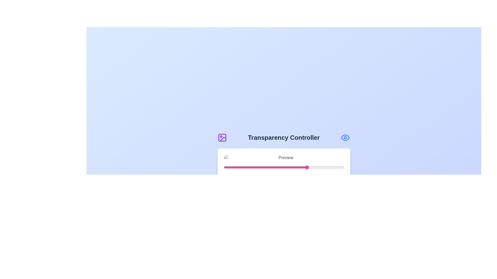 The width and height of the screenshot is (497, 279). I want to click on the transparency slider to 72%, so click(310, 167).